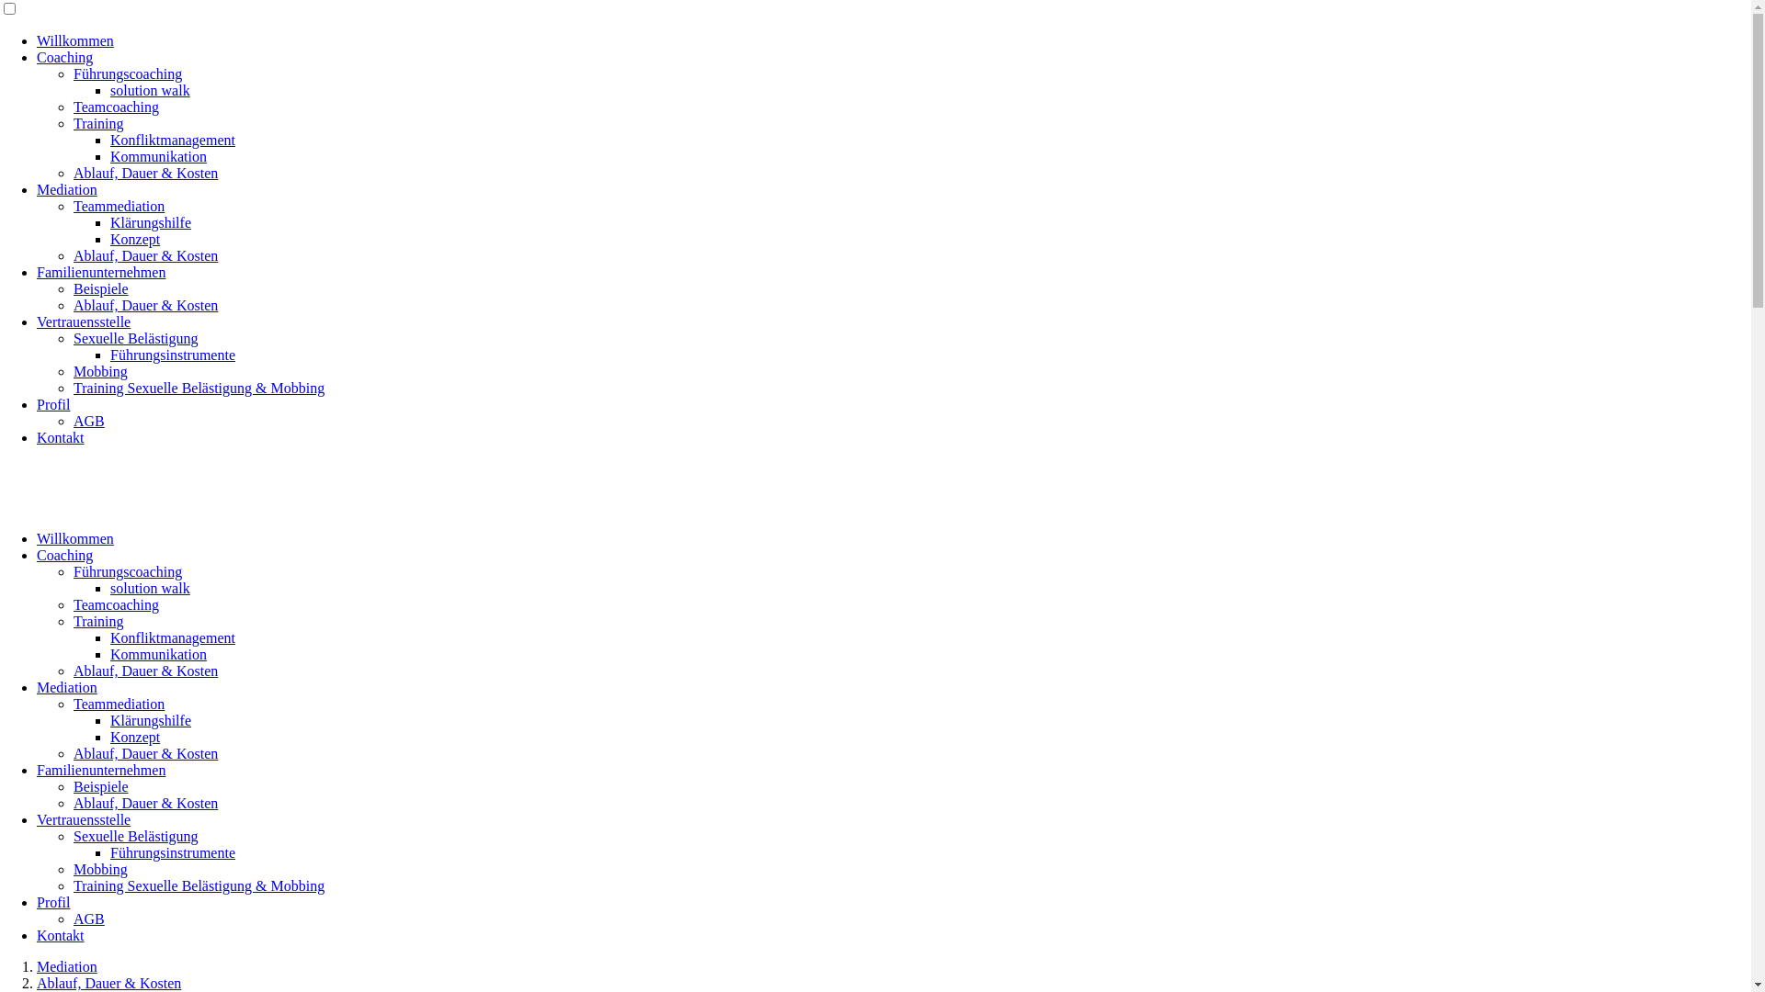 The height and width of the screenshot is (992, 1765). What do you see at coordinates (134, 238) in the screenshot?
I see `'Konzept'` at bounding box center [134, 238].